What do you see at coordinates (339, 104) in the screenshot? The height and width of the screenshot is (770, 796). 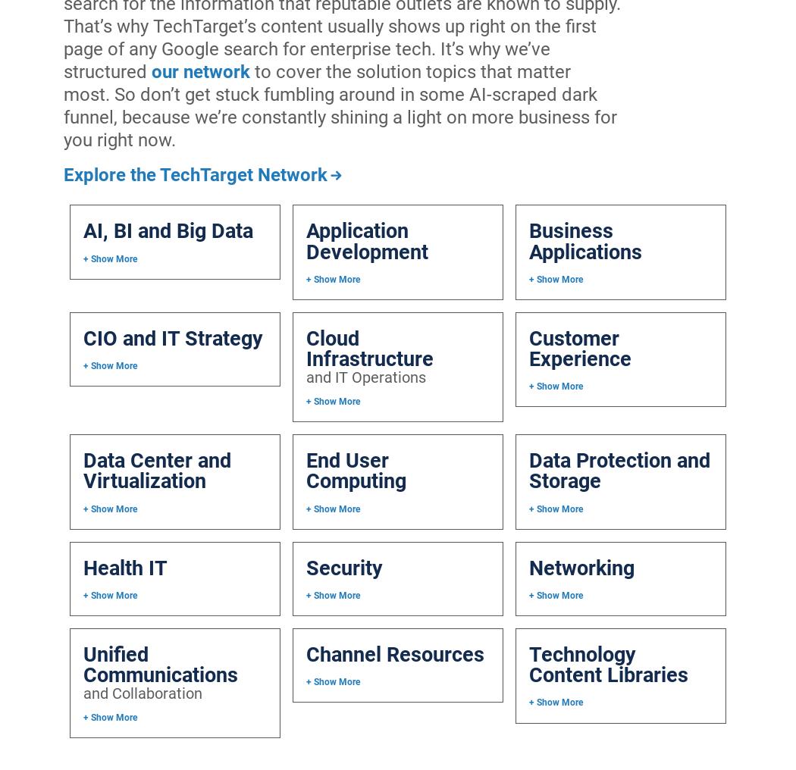 I see `'to cover the solution topics that matter most. So don’t get stuck fumbling around in some AI-scraped dark funnel, because we’re constantly shining a light on more business for you right now.'` at bounding box center [339, 104].